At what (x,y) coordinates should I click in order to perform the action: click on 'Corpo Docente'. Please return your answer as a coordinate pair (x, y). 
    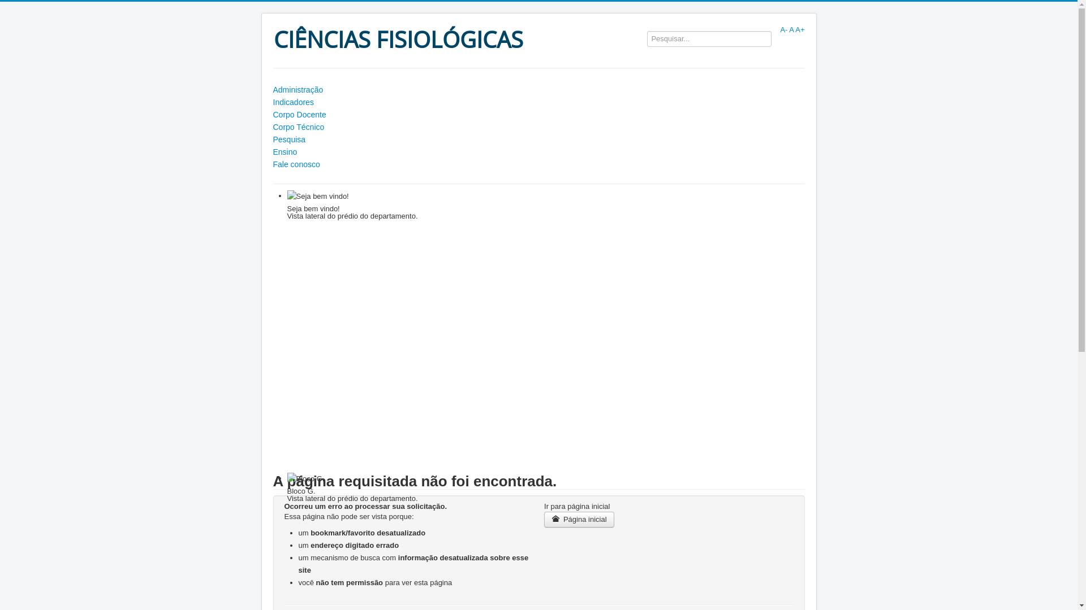
    Looking at the image, I should click on (537, 115).